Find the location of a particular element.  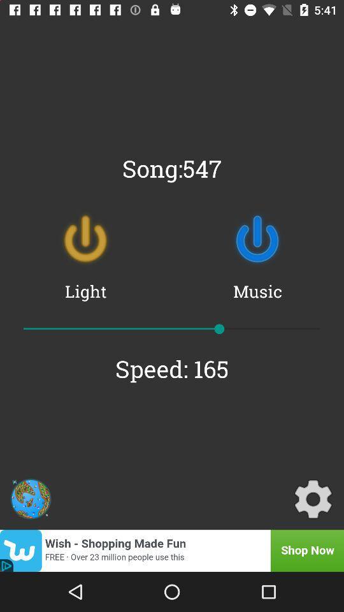

icon above the music item is located at coordinates (257, 238).